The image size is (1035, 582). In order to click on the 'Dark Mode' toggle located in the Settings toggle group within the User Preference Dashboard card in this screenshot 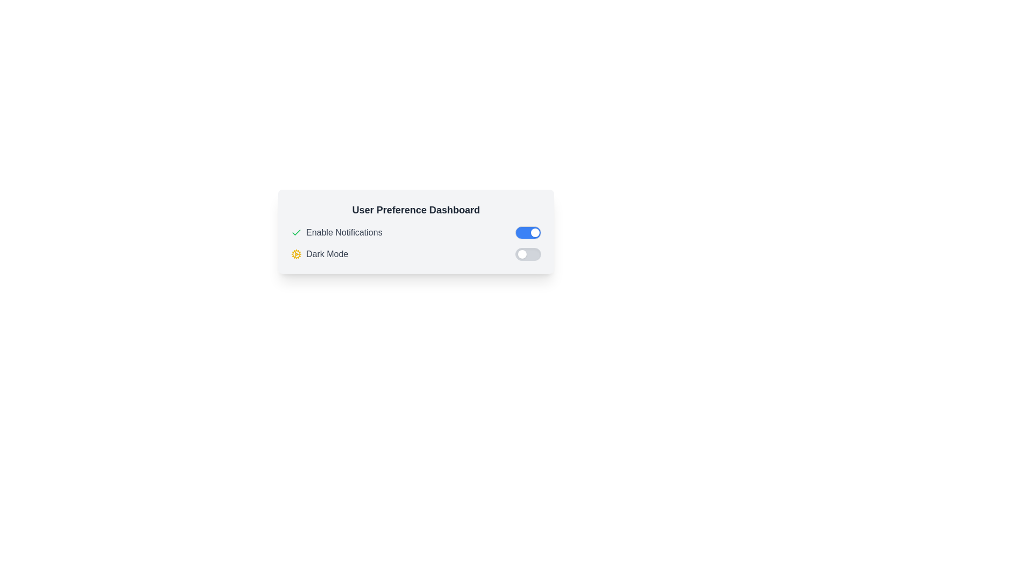, I will do `click(416, 243)`.